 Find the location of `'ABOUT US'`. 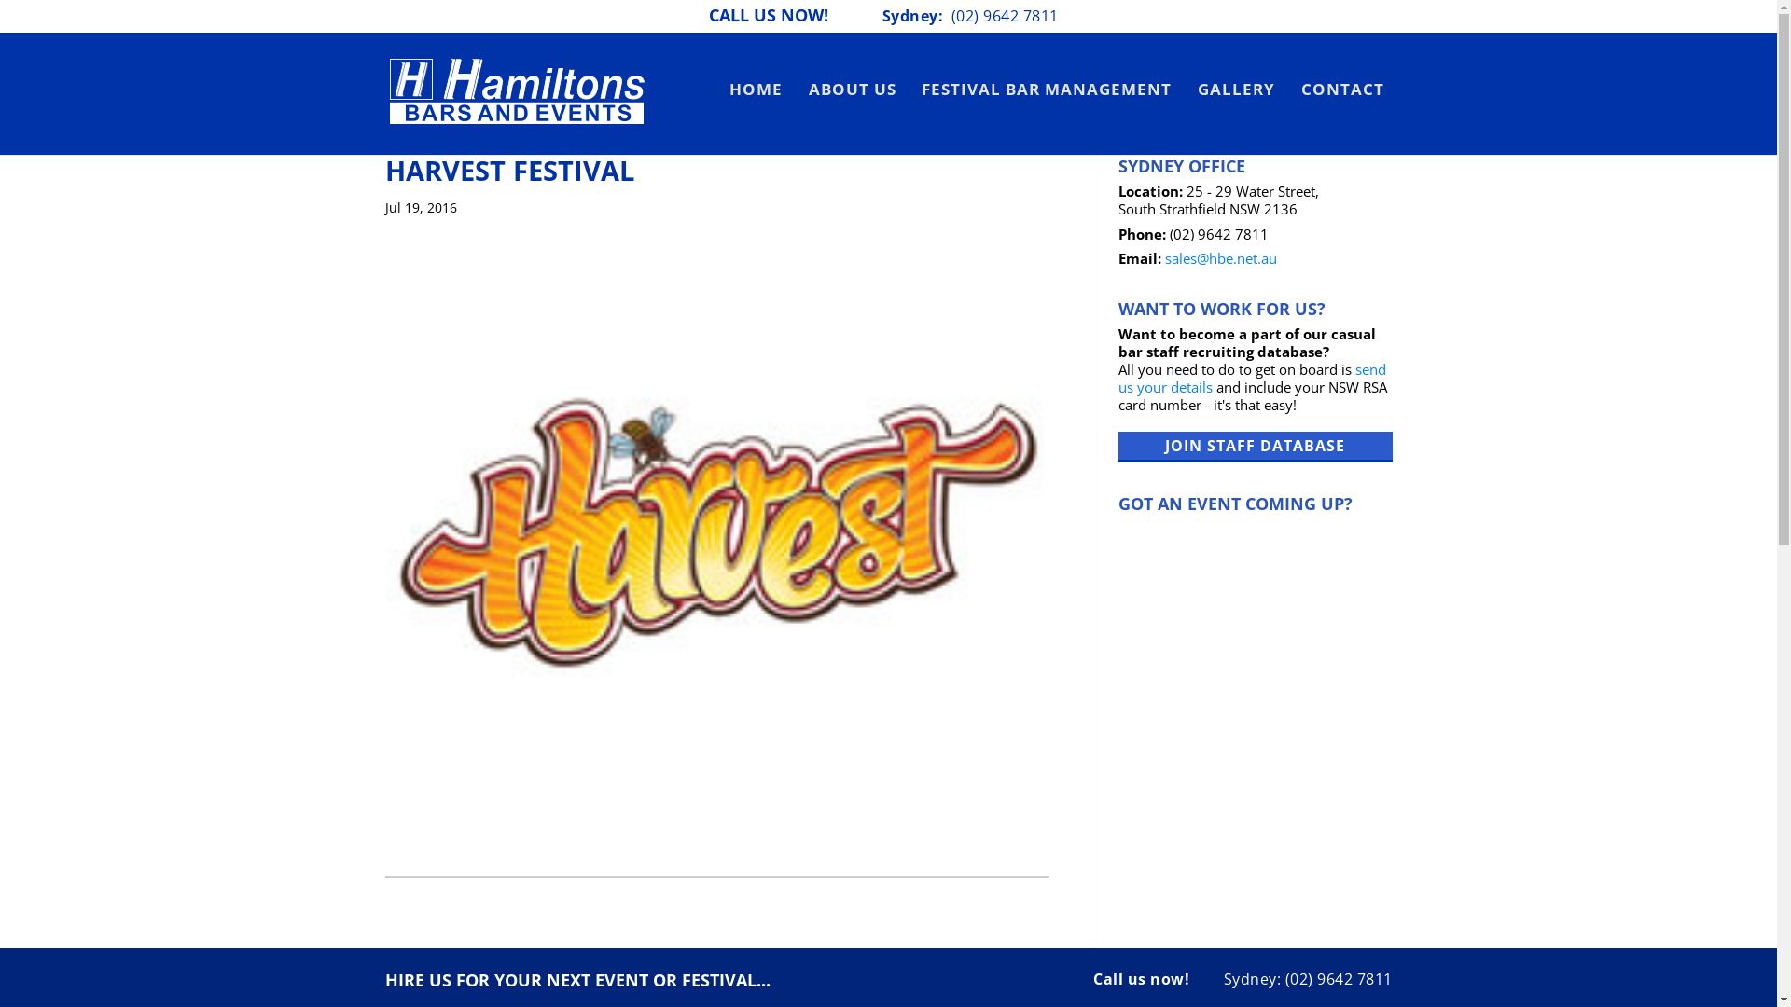

'ABOUT US' is located at coordinates (851, 91).